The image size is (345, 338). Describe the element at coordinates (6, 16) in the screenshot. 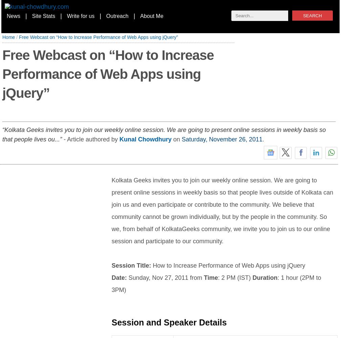

I see `'News'` at that location.